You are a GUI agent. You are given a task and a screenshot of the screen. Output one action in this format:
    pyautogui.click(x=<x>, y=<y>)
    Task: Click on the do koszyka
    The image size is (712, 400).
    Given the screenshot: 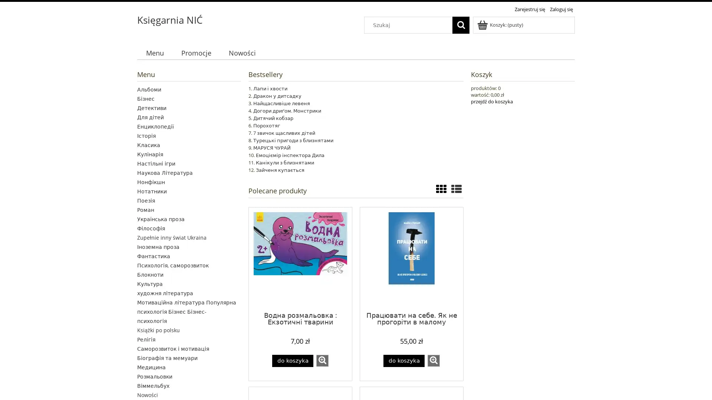 What is the action you would take?
    pyautogui.click(x=292, y=360)
    